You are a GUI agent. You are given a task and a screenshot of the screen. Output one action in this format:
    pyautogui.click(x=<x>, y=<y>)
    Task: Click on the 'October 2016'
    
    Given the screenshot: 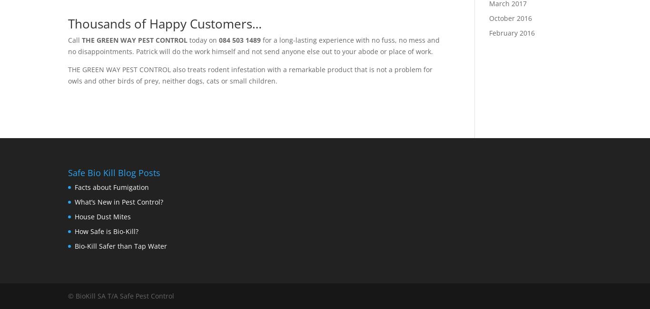 What is the action you would take?
    pyautogui.click(x=510, y=18)
    